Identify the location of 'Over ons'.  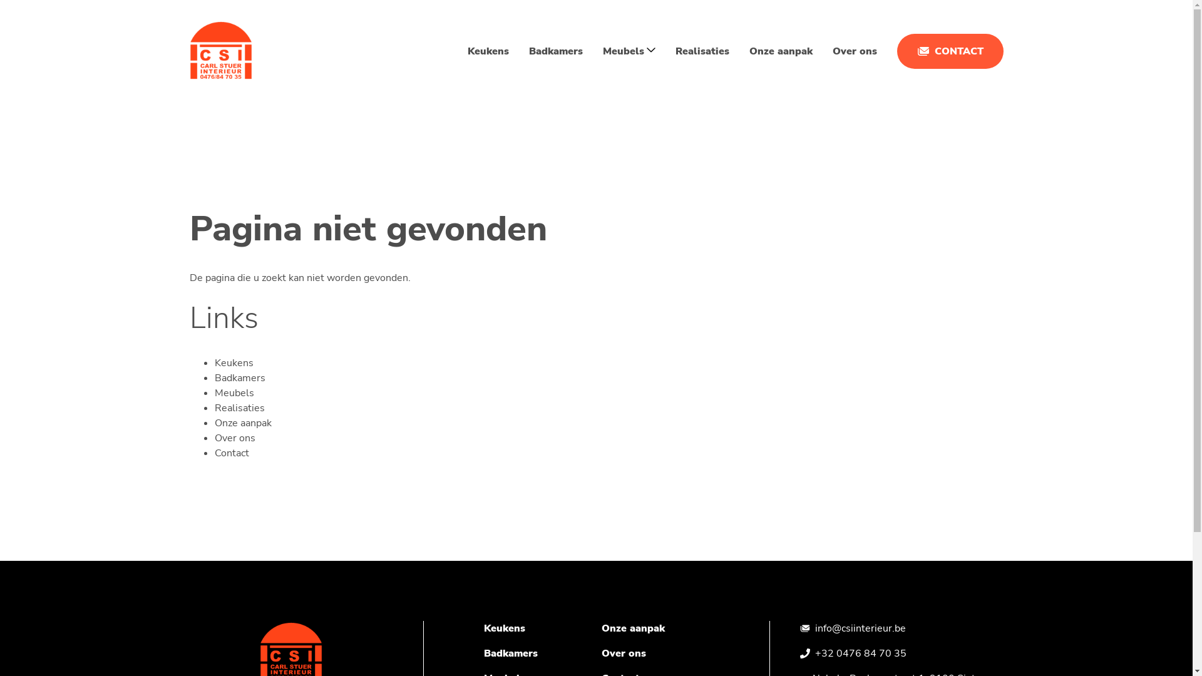
(601, 653).